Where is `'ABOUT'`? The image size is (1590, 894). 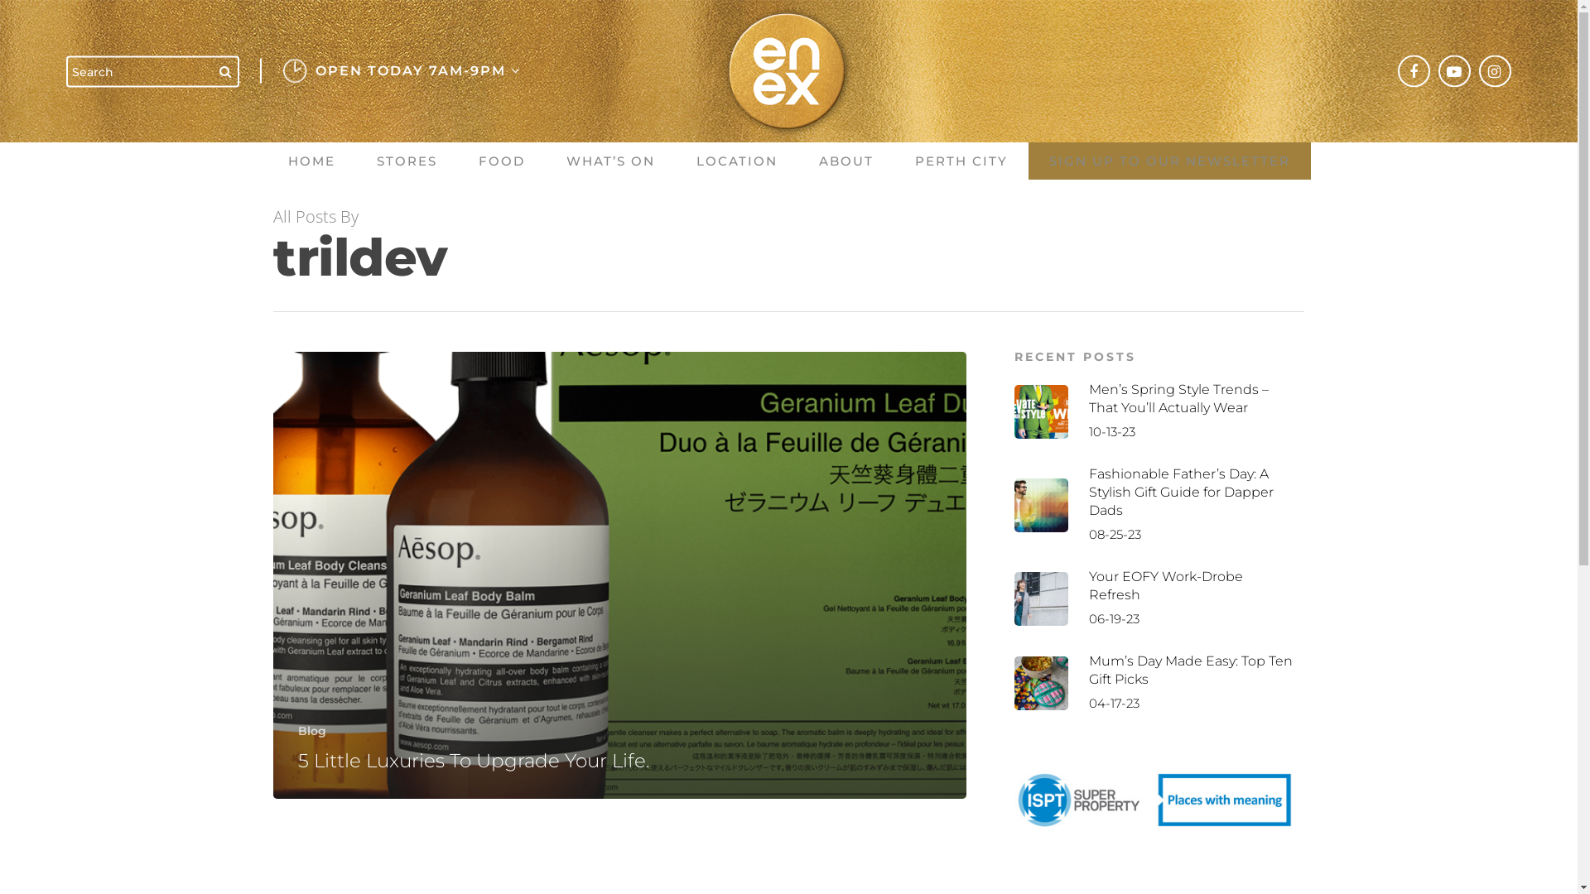 'ABOUT' is located at coordinates (846, 161).